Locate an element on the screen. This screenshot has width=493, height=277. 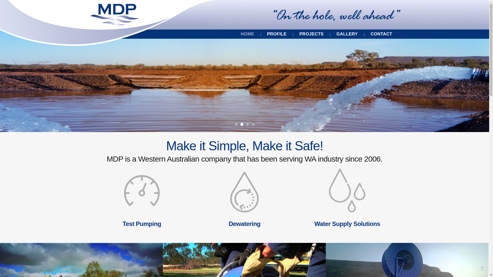
'GALLERY' is located at coordinates (347, 34).